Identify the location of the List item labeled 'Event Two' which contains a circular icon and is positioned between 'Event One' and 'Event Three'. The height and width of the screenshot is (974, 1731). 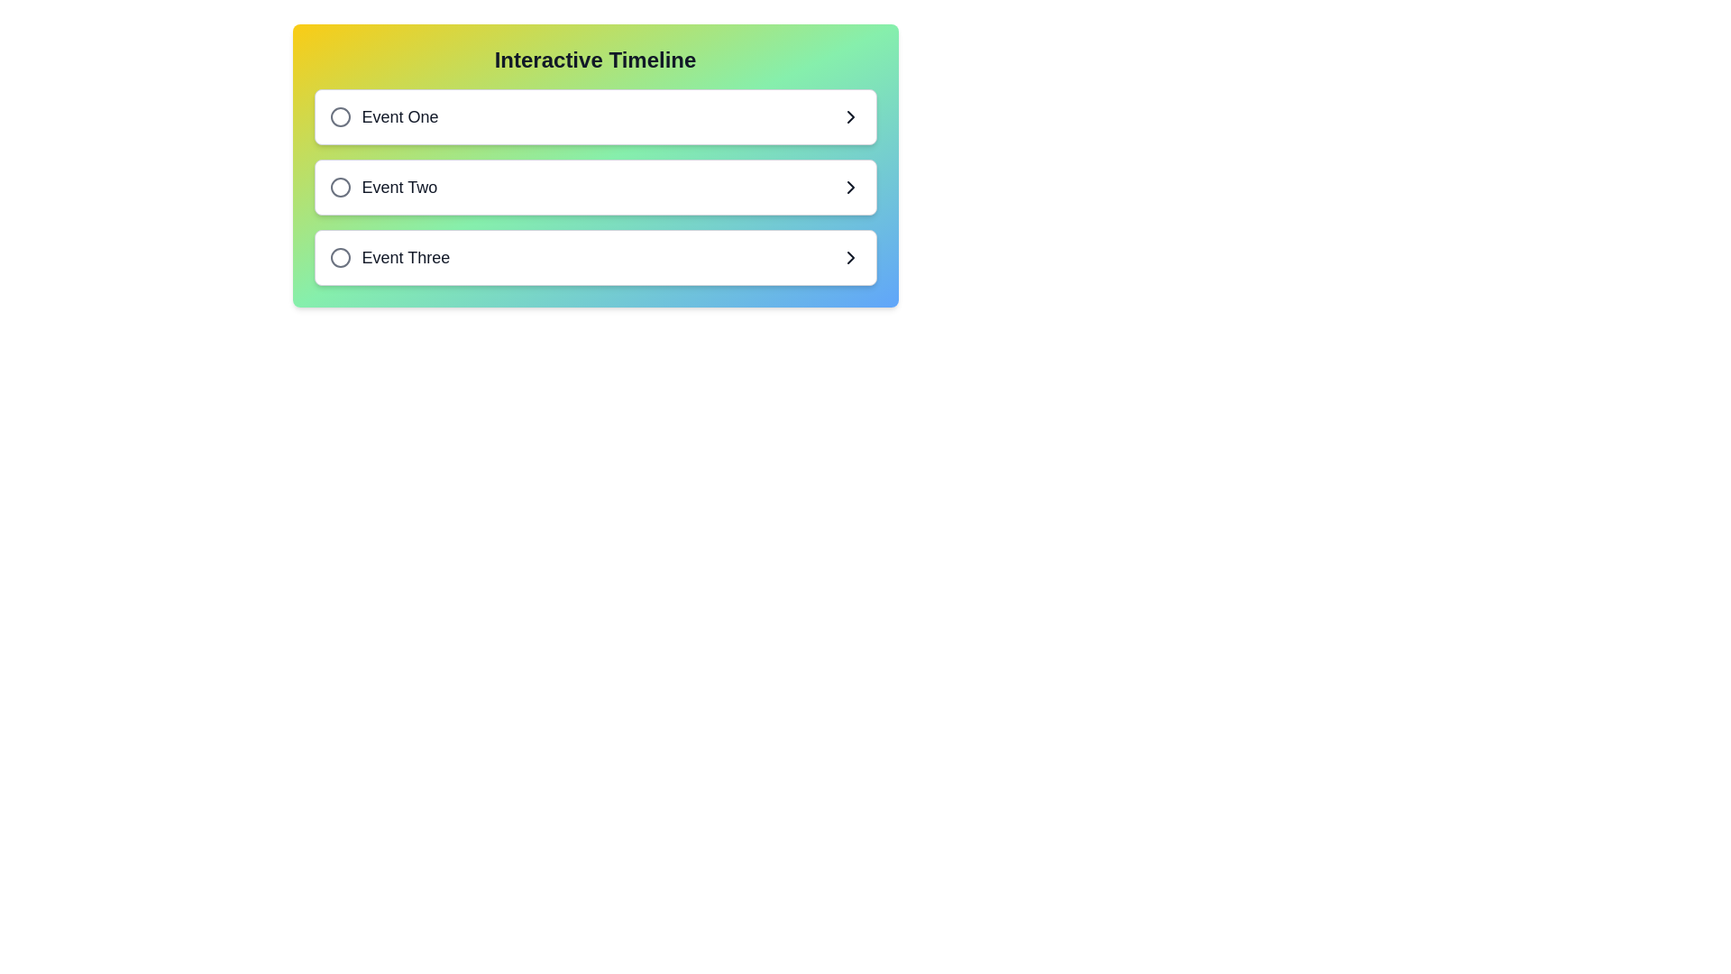
(382, 188).